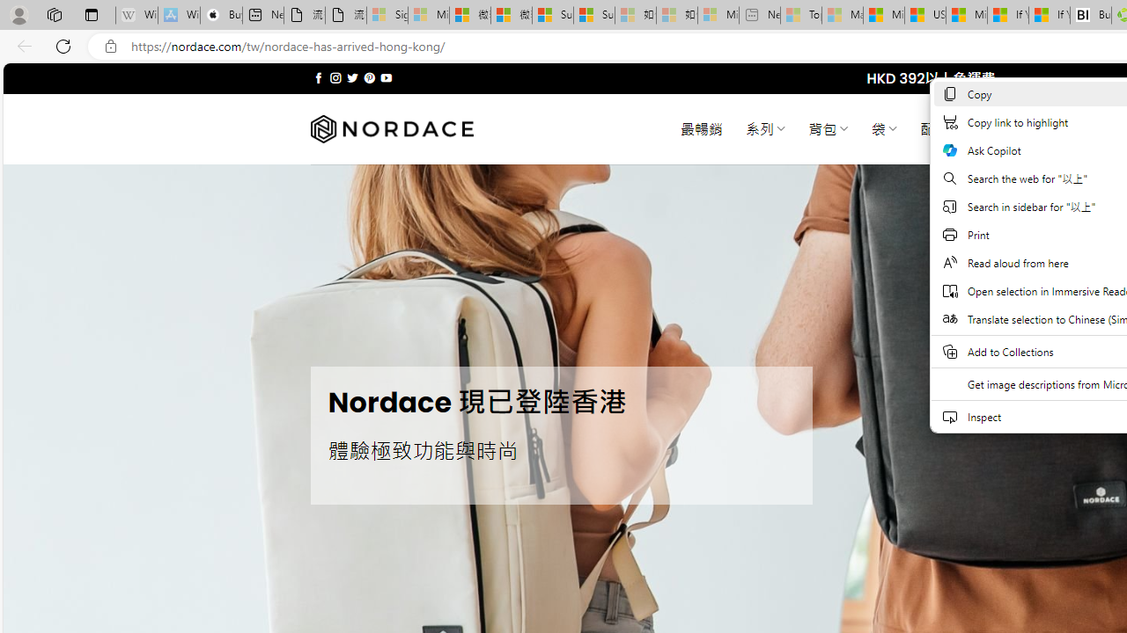 The image size is (1127, 633). What do you see at coordinates (386, 77) in the screenshot?
I see `'Follow on YouTube'` at bounding box center [386, 77].